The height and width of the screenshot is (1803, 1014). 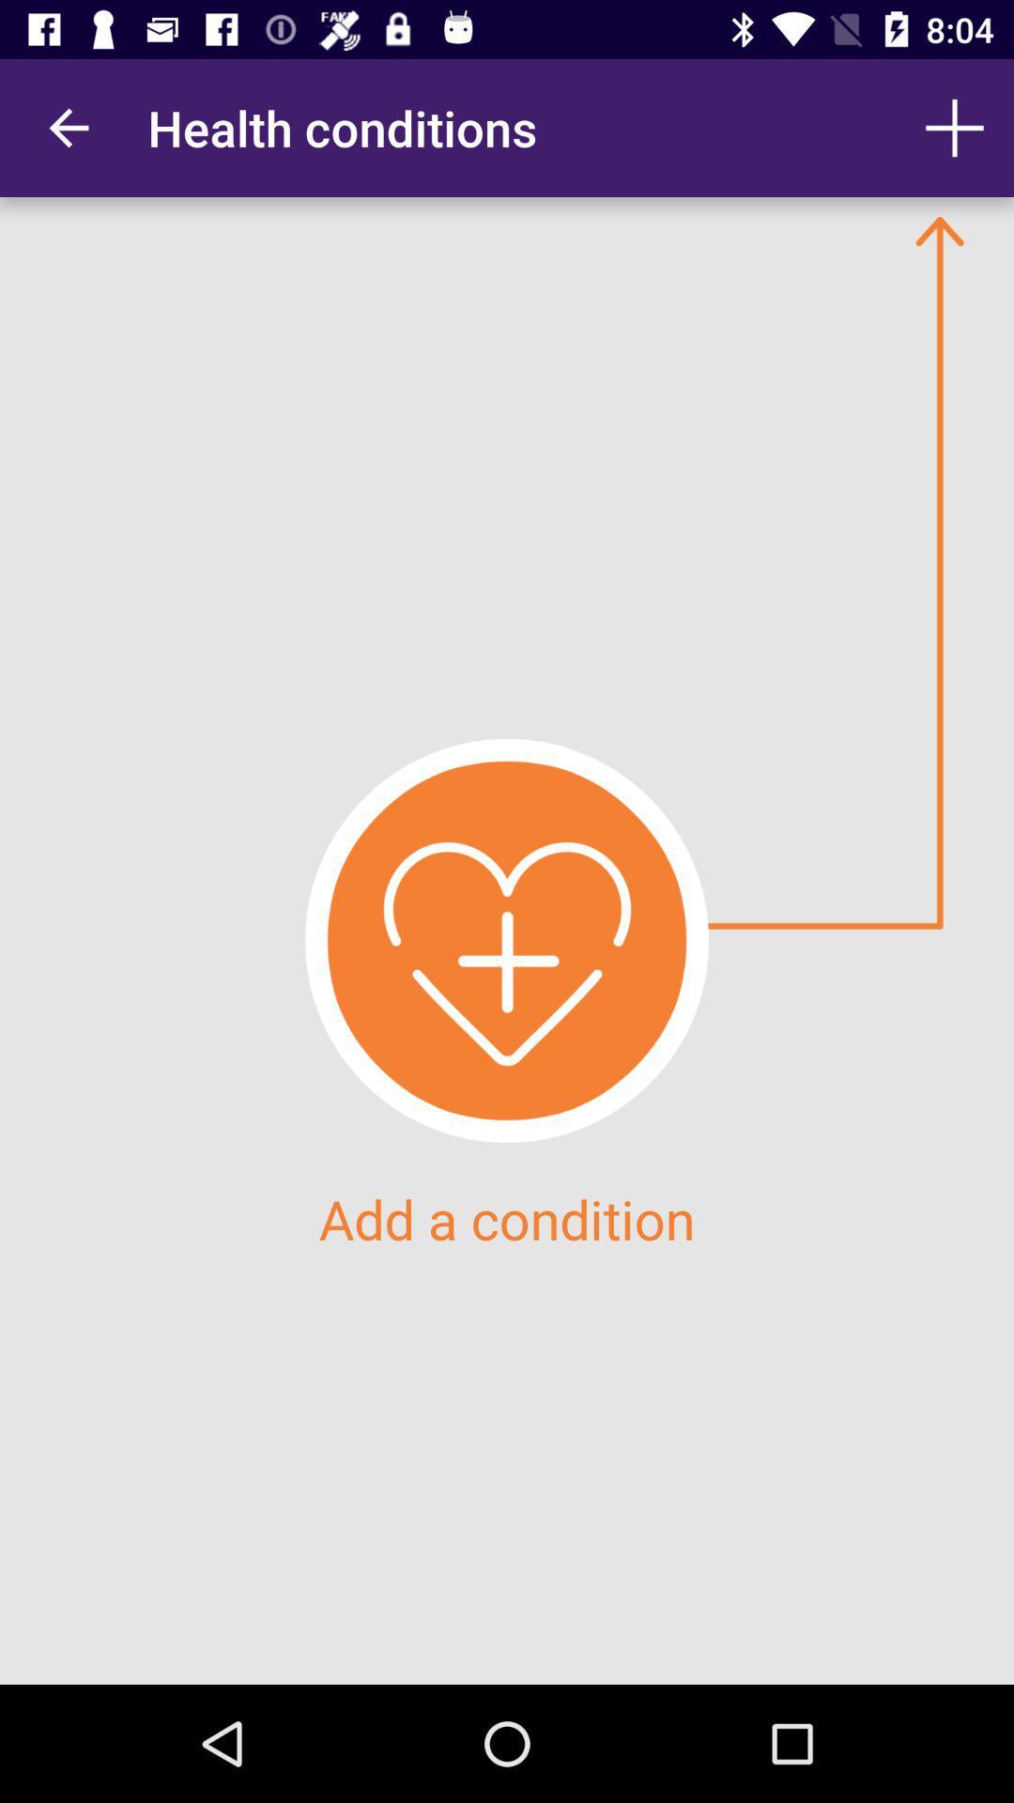 What do you see at coordinates (68, 127) in the screenshot?
I see `app to the left of the health conditions item` at bounding box center [68, 127].